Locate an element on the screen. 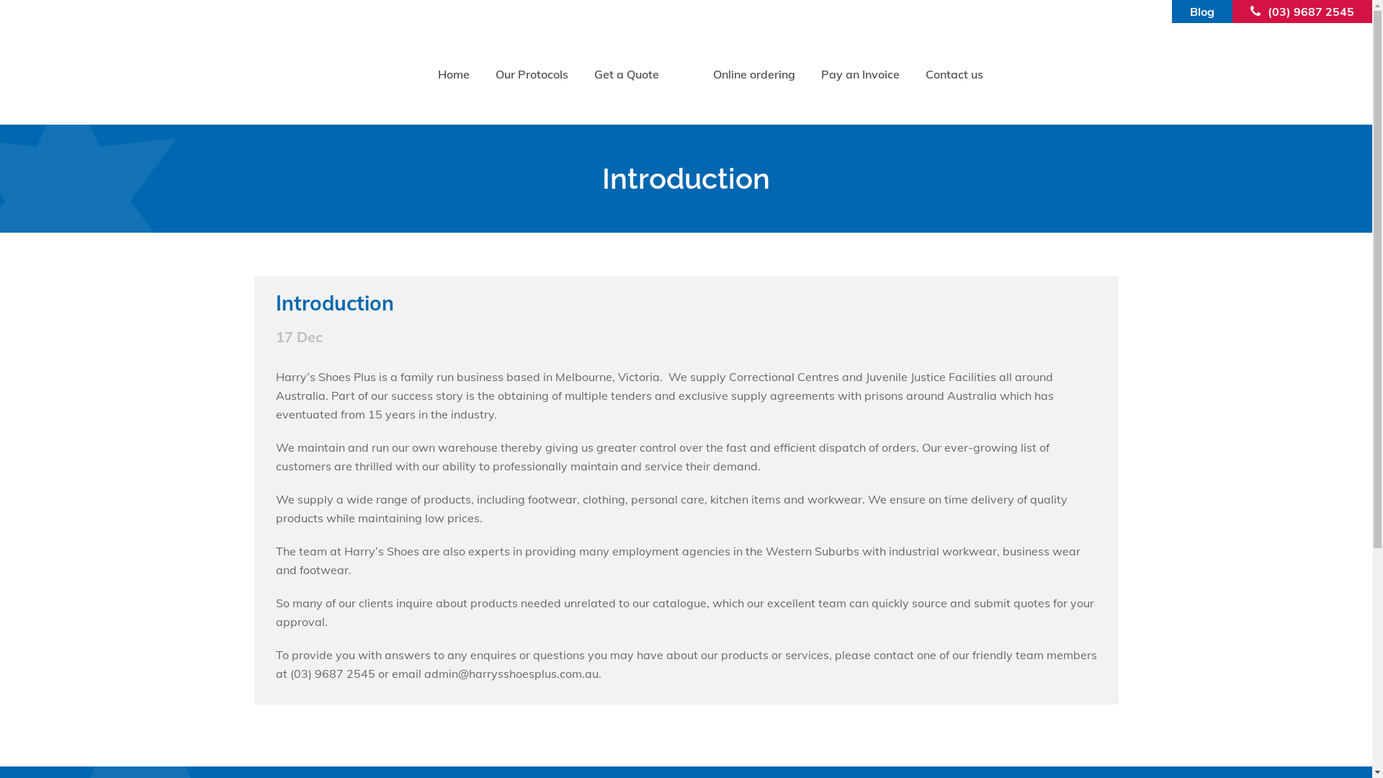  'Contact us' is located at coordinates (954, 74).